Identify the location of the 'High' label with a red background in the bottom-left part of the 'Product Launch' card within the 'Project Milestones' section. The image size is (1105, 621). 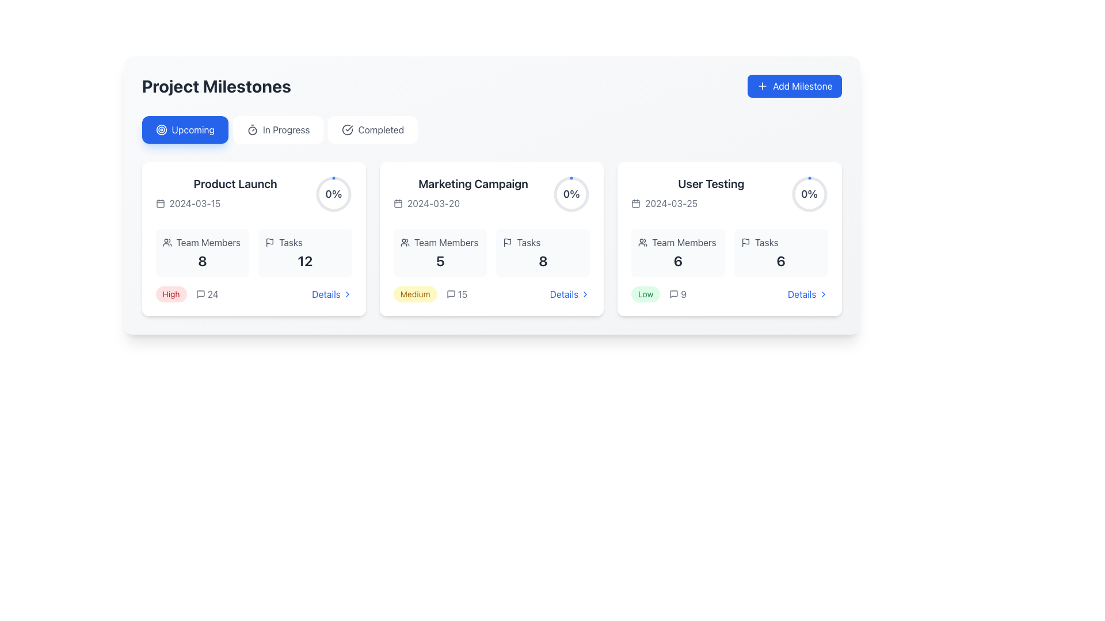
(187, 294).